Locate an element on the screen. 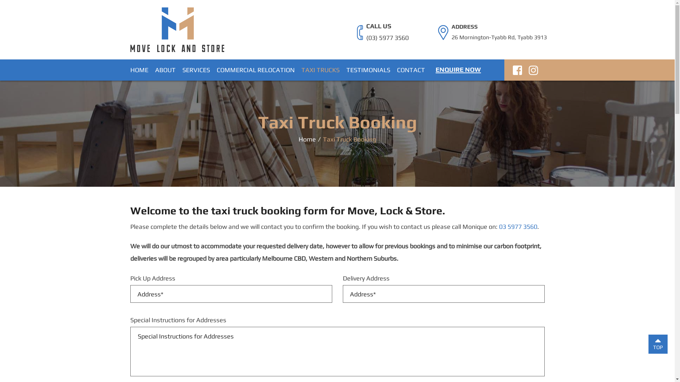  'ABOUT' is located at coordinates (165, 70).